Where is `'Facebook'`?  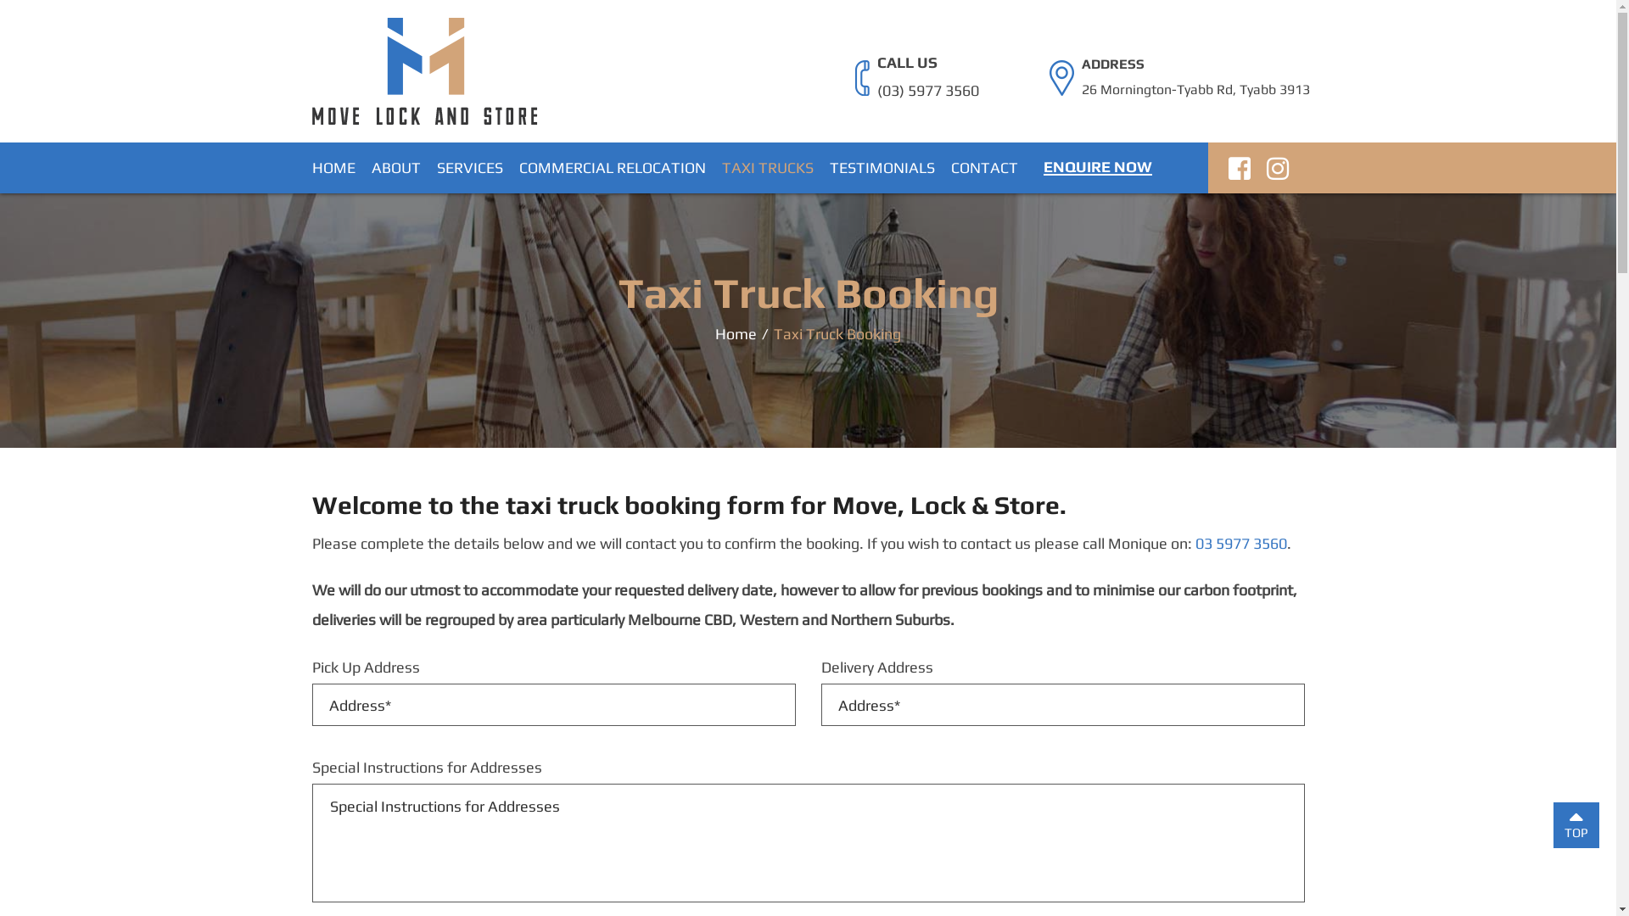 'Facebook' is located at coordinates (1229, 172).